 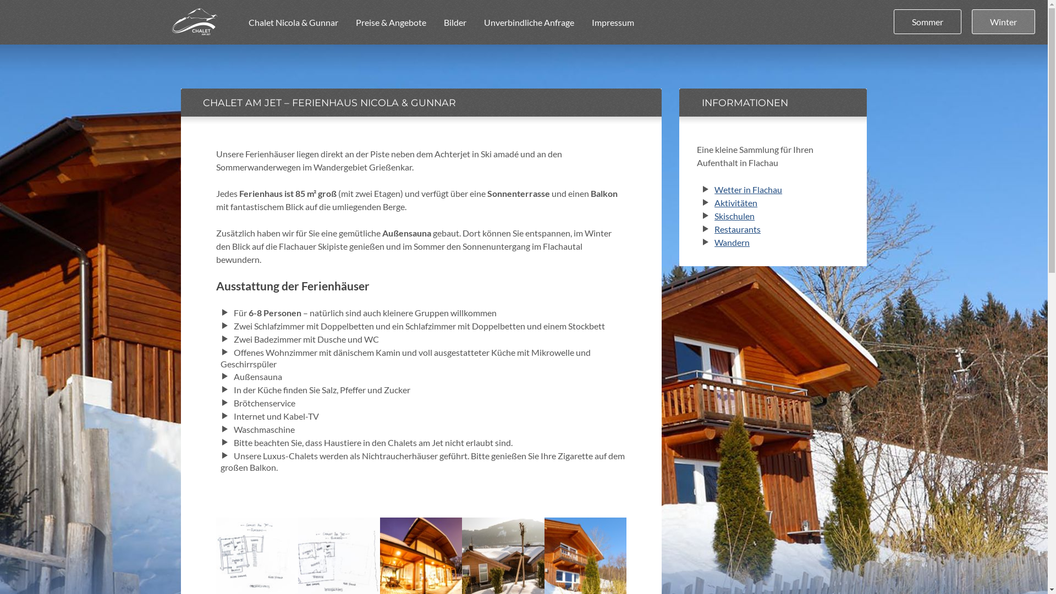 What do you see at coordinates (529, 22) in the screenshot?
I see `'Unverbindliche Anfrage'` at bounding box center [529, 22].